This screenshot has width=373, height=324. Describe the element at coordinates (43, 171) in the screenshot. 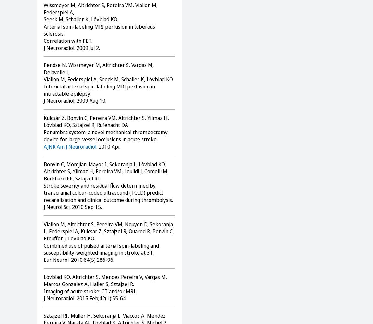

I see `'Bonvin C, Momjian-Mayor I, Sekoranja L, Lövblad KO, Altrichter S, Yilmaz H, Pereira VM, Loulidi J, Comelli M, Burkhard PR, Sztajzel RF.'` at that location.